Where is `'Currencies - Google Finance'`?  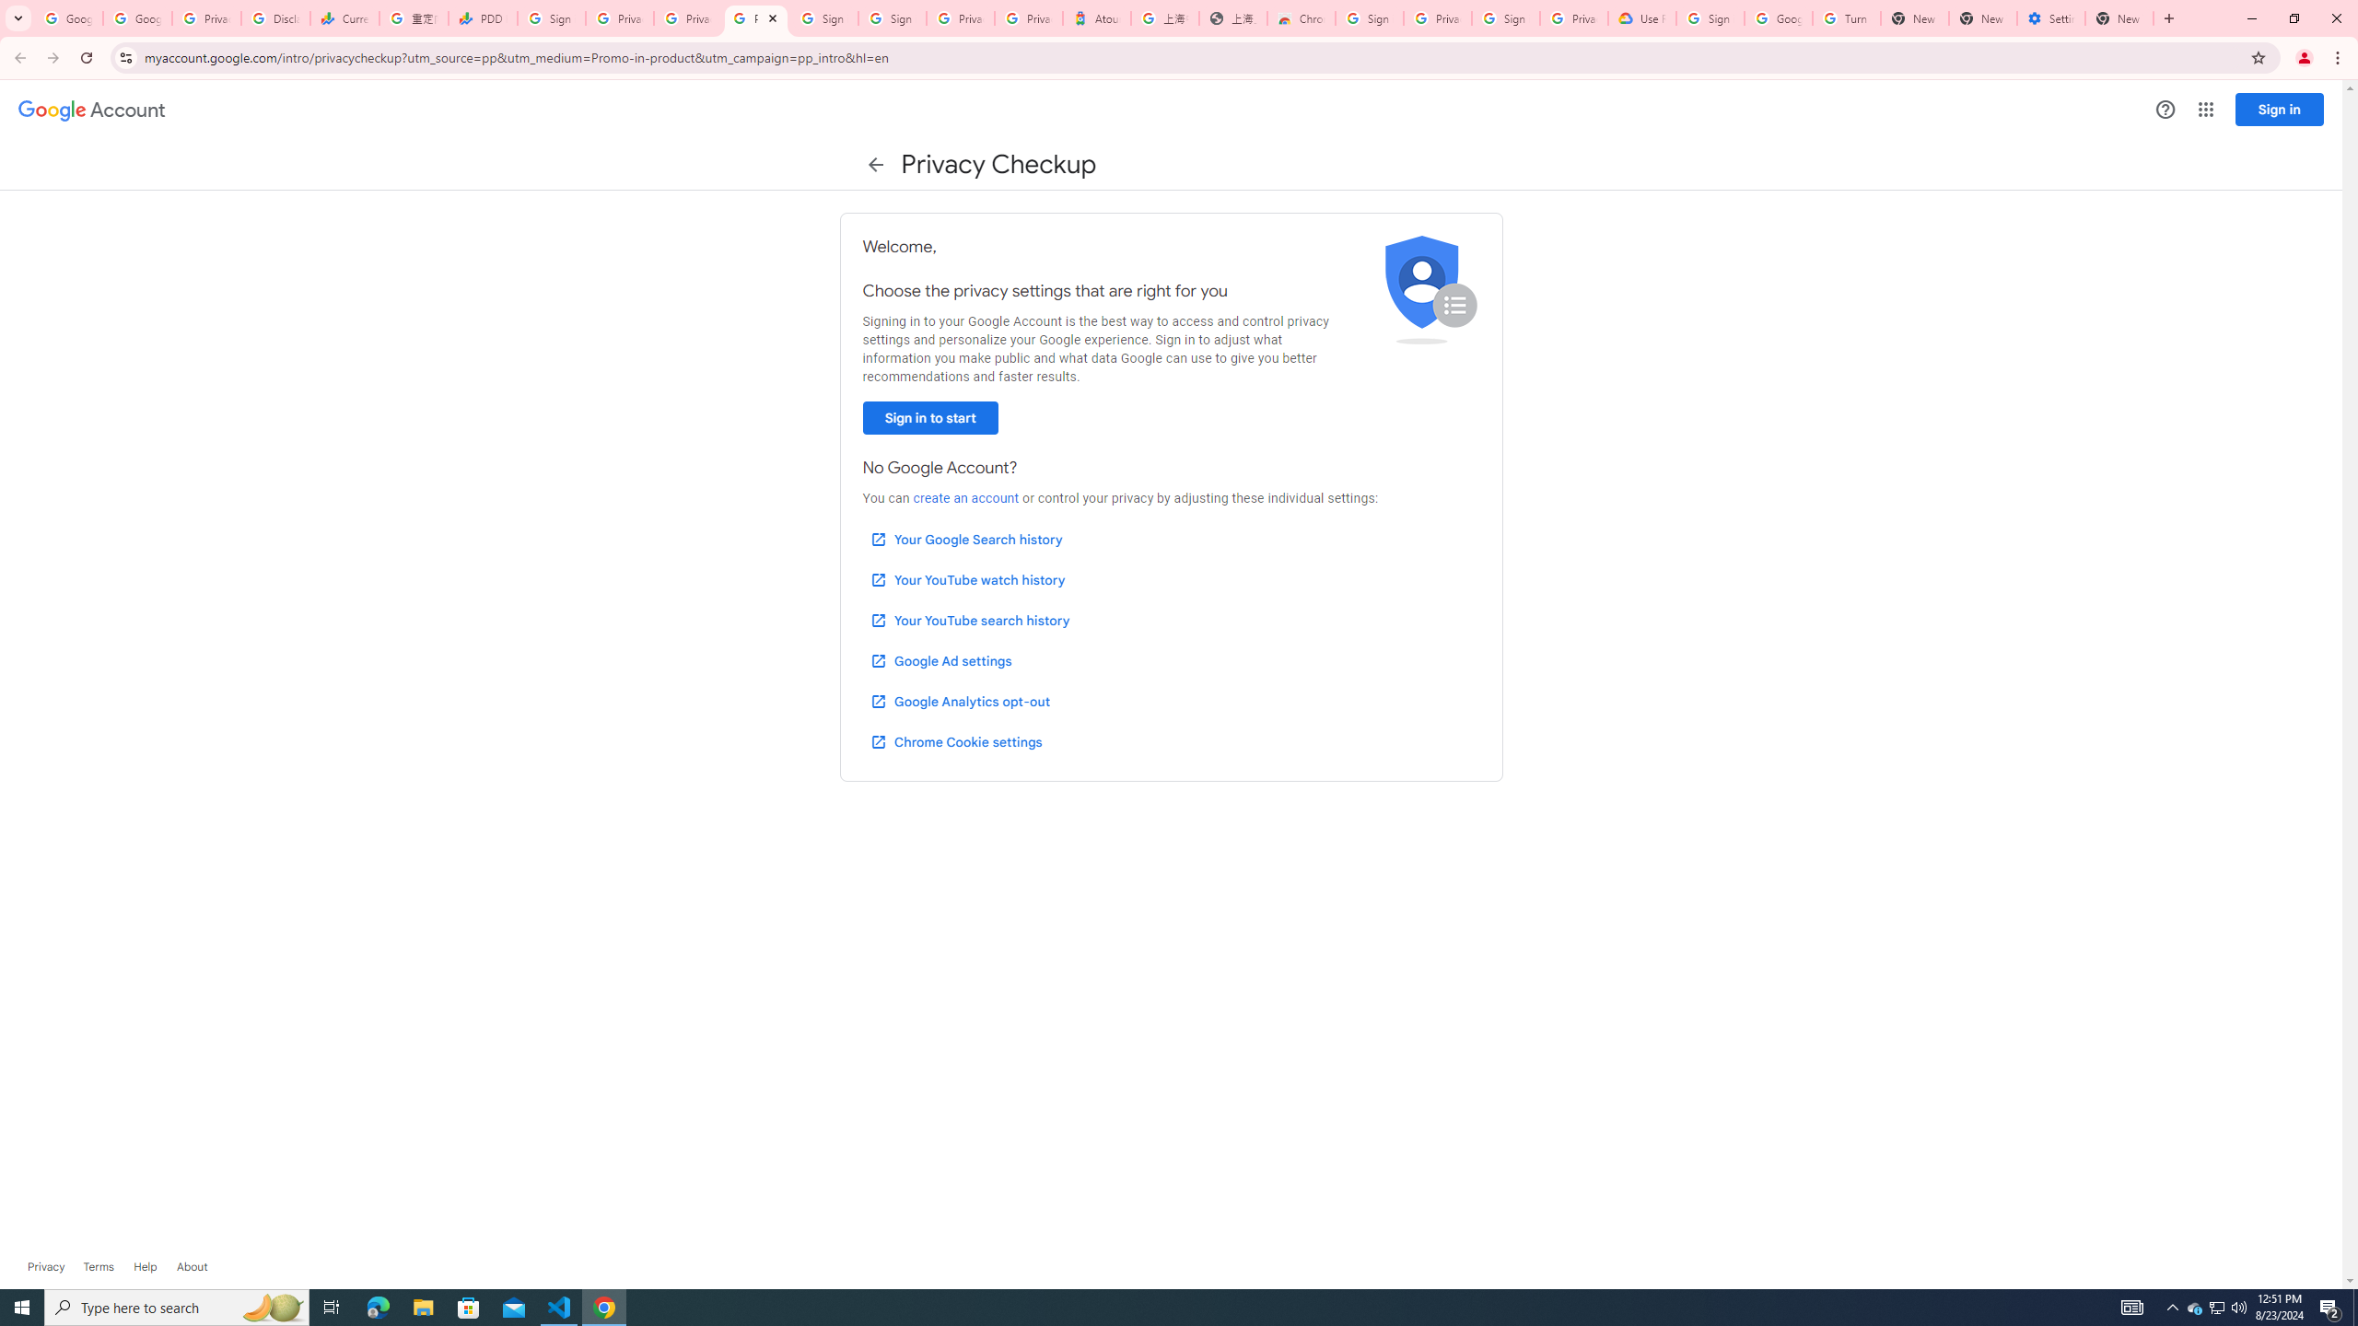
'Currencies - Google Finance' is located at coordinates (343, 17).